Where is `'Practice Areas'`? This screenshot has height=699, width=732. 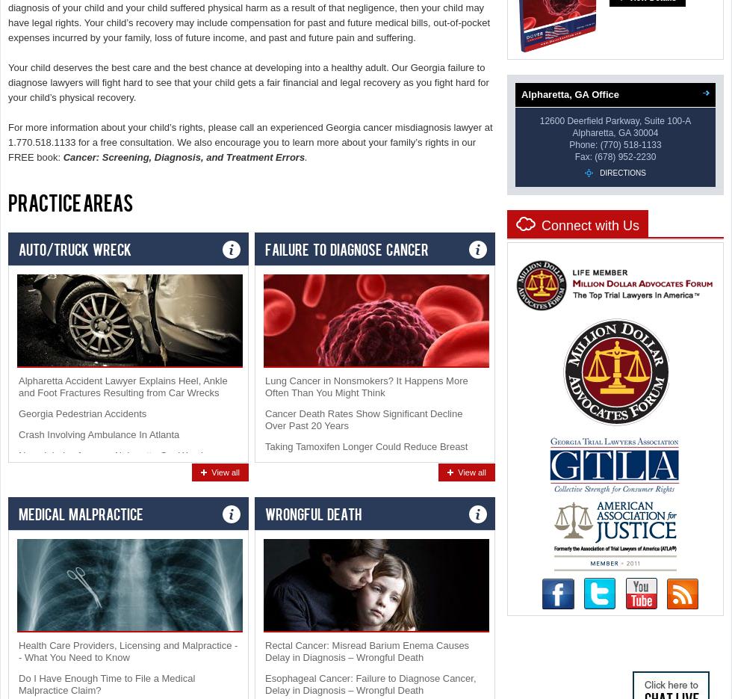 'Practice Areas' is located at coordinates (70, 201).